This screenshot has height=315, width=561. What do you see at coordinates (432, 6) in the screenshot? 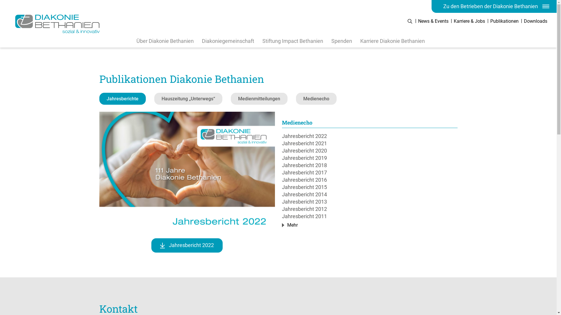
I see `'Zu den Betrieben der Diakonie Bethanien'` at bounding box center [432, 6].